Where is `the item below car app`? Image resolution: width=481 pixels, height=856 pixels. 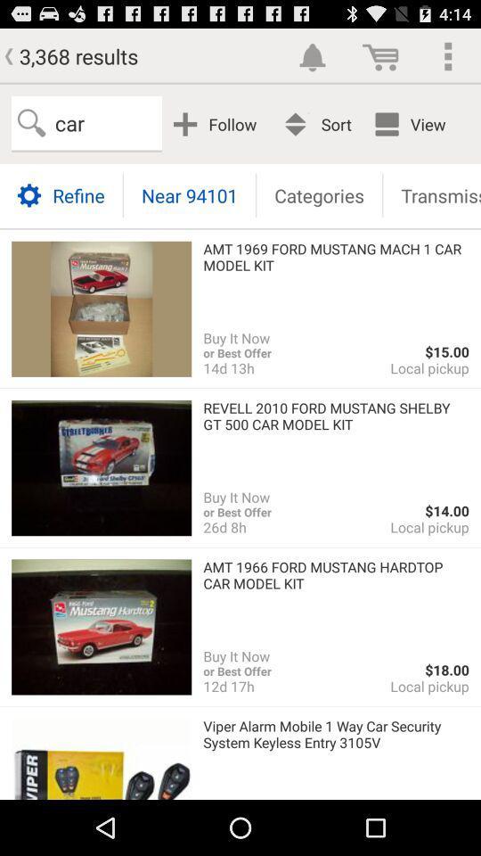 the item below car app is located at coordinates (60, 194).